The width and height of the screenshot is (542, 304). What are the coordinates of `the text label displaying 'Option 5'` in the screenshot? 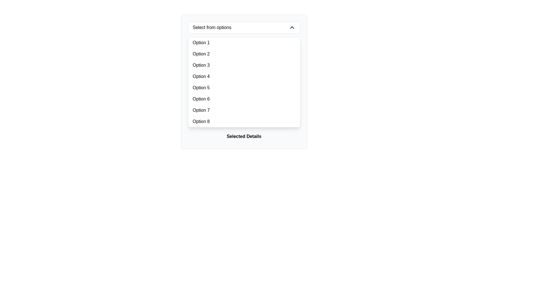 It's located at (201, 88).